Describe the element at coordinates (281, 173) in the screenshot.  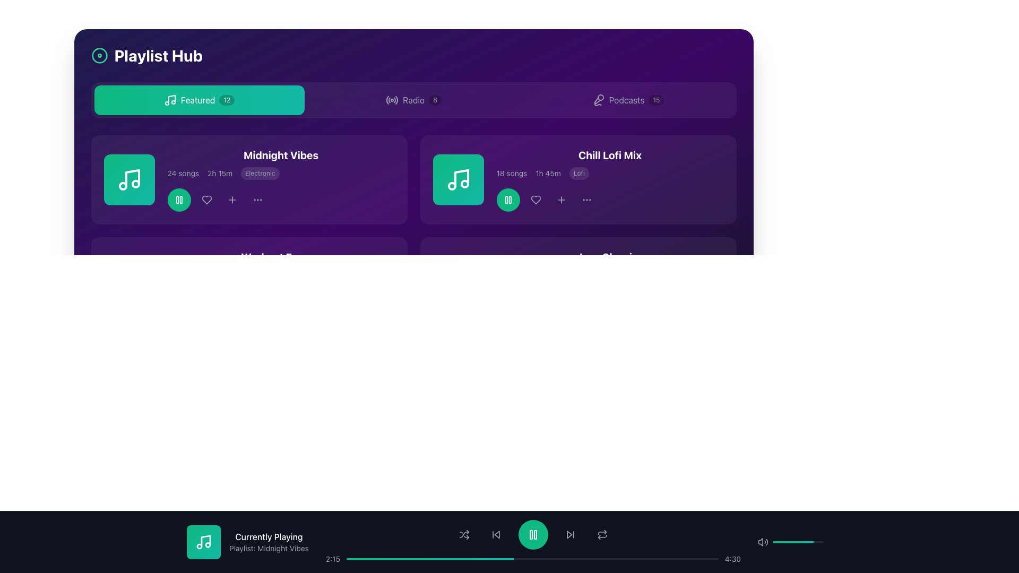
I see `individual metadata pieces displayed in the text group within the playlist card titled 'Midnight Vibes', located centrally below the title text` at that location.